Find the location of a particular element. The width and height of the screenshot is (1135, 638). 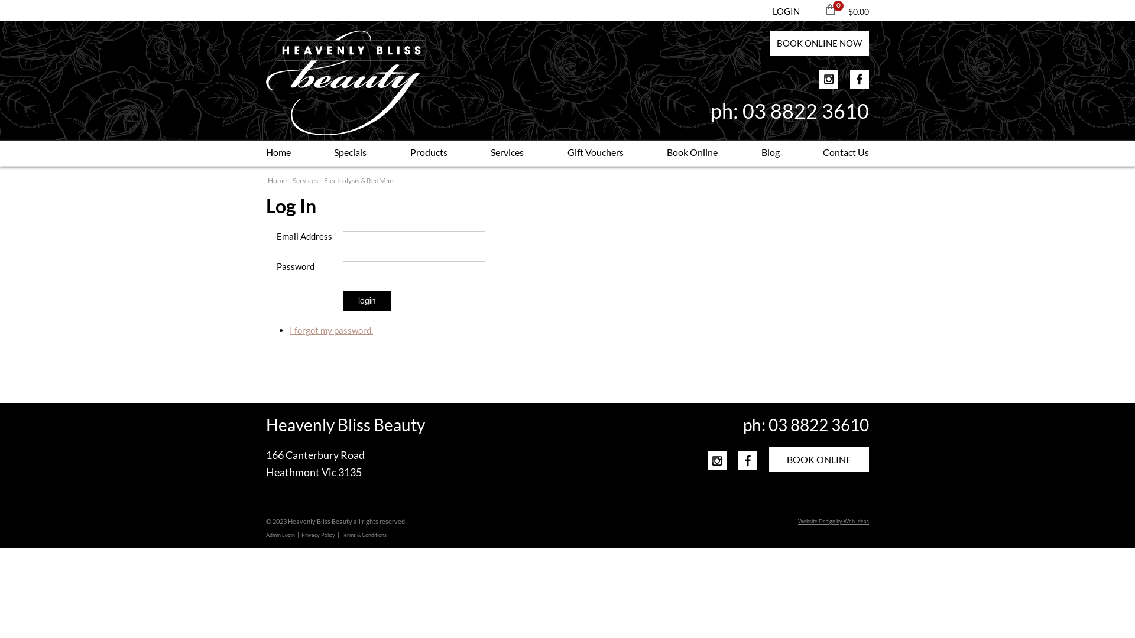

'Admin Login' is located at coordinates (280, 535).